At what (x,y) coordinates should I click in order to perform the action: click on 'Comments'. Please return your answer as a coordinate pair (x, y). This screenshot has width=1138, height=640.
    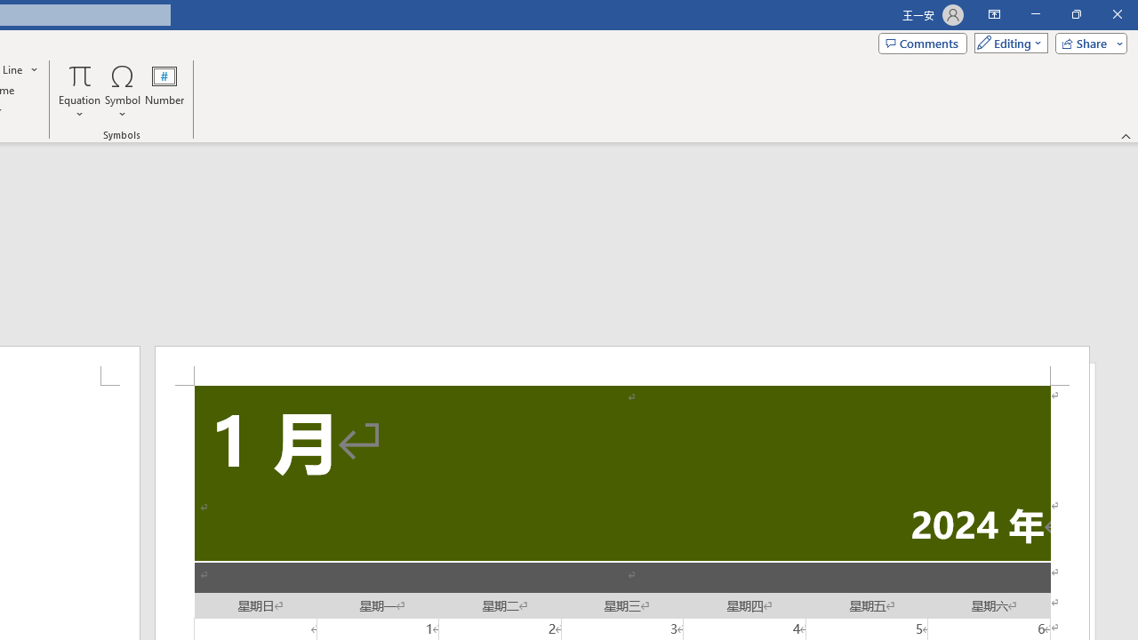
    Looking at the image, I should click on (923, 42).